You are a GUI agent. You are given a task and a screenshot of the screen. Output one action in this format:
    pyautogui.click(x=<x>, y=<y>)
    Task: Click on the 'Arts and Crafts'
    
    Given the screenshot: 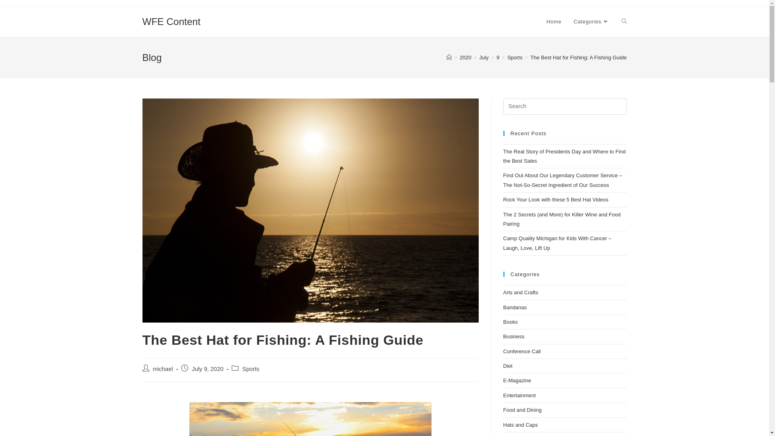 What is the action you would take?
    pyautogui.click(x=520, y=292)
    